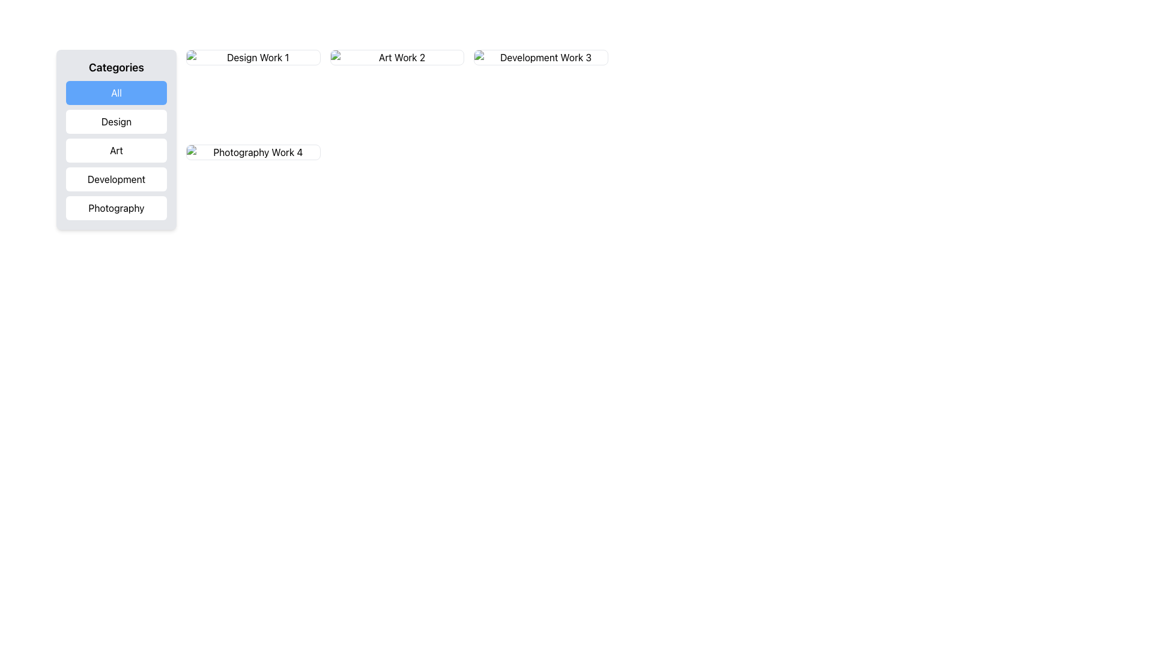  I want to click on the image element labeled 'Art Work 2' which is part of a group of artworks, situated centrally between 'Design Work 1' and 'Development Work 3', so click(397, 58).